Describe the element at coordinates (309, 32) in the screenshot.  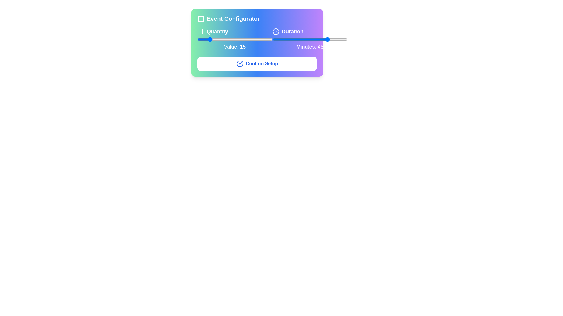
I see `the Text label indicating the purpose of the associated slider, which is positioned to the right of 'Quantity' and above the range slider displaying 'Minutes: 45'` at that location.